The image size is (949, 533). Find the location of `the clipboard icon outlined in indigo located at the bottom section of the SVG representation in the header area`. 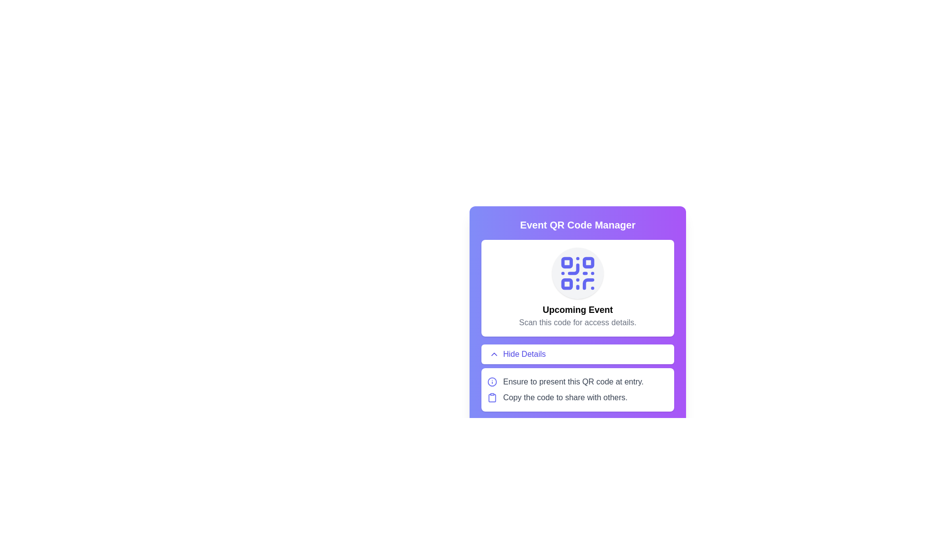

the clipboard icon outlined in indigo located at the bottom section of the SVG representation in the header area is located at coordinates (492, 397).